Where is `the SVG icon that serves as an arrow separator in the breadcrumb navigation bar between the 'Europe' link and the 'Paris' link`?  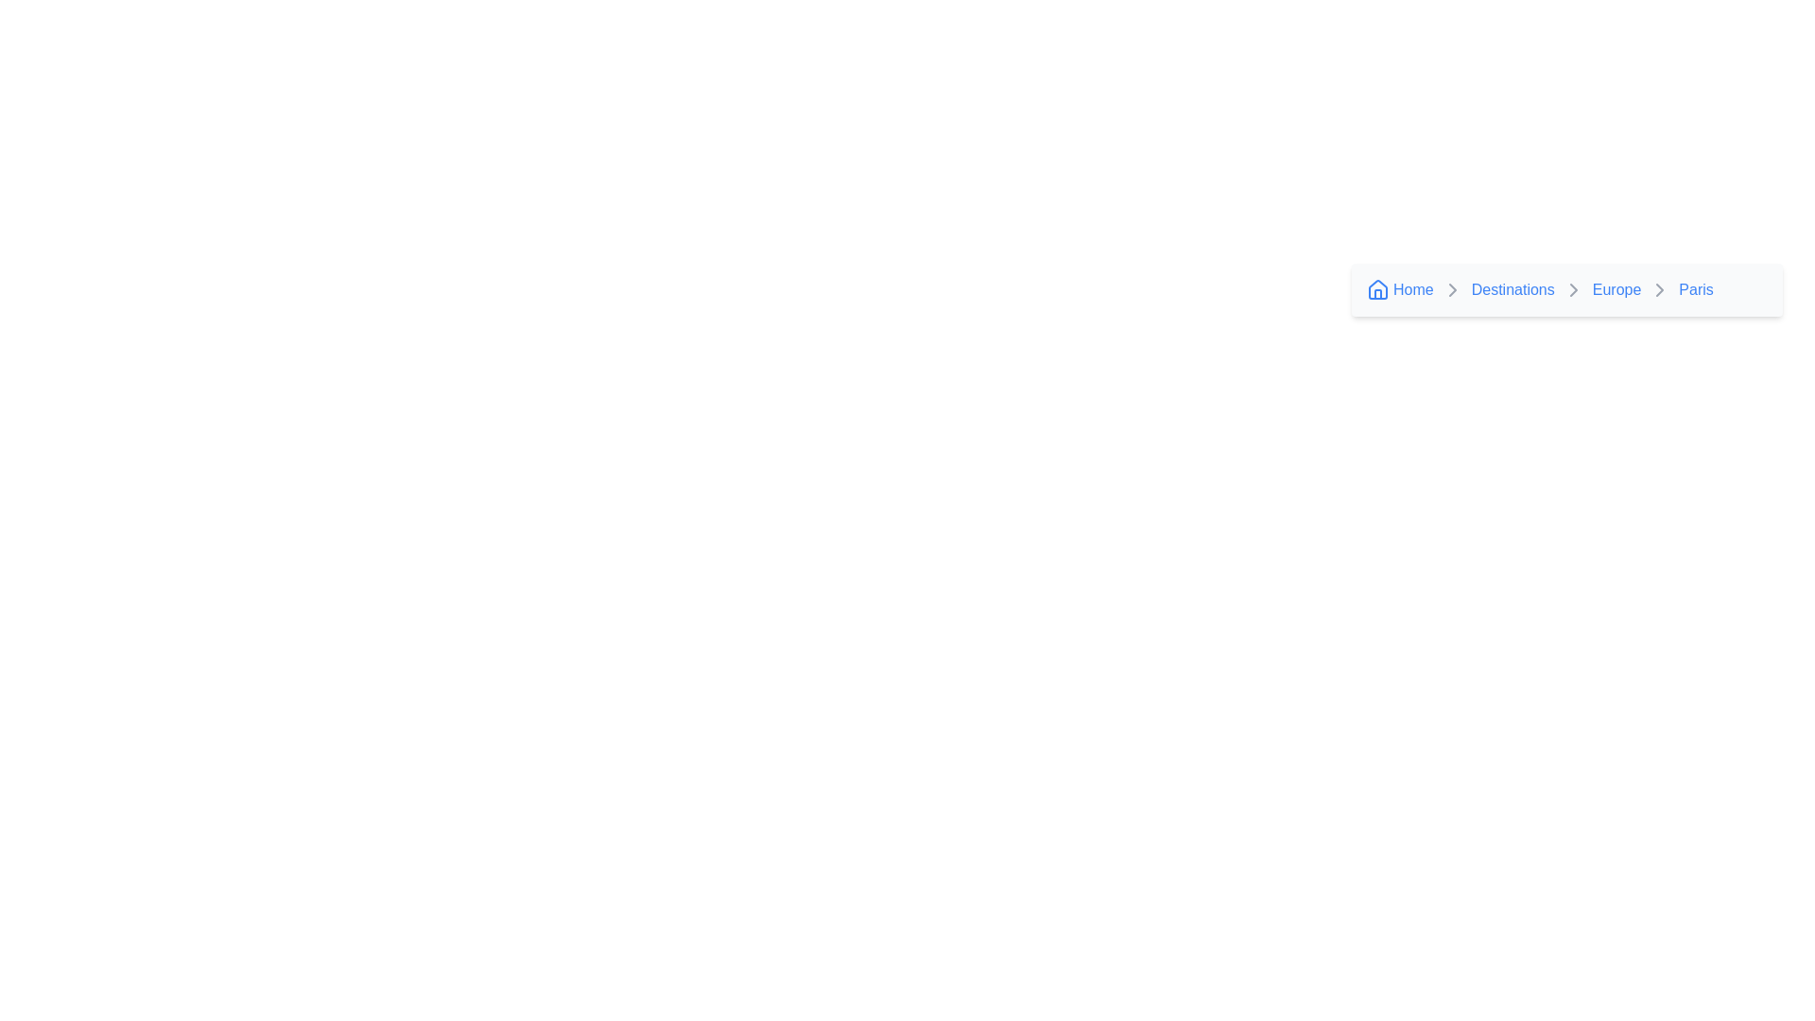
the SVG icon that serves as an arrow separator in the breadcrumb navigation bar between the 'Europe' link and the 'Paris' link is located at coordinates (1659, 290).